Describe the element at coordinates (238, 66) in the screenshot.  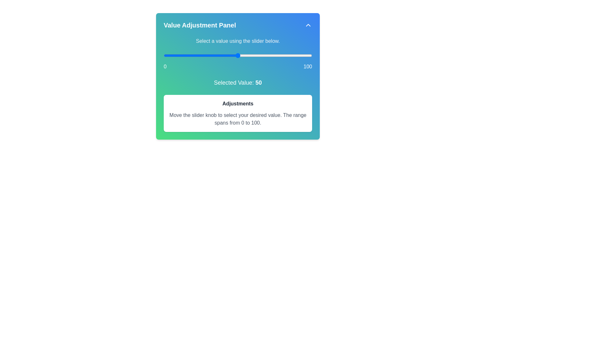
I see `the text labels element displaying the numeric values '0' and '100' with a gradient background, located directly below the slider track in the Value Adjustment Panel` at that location.